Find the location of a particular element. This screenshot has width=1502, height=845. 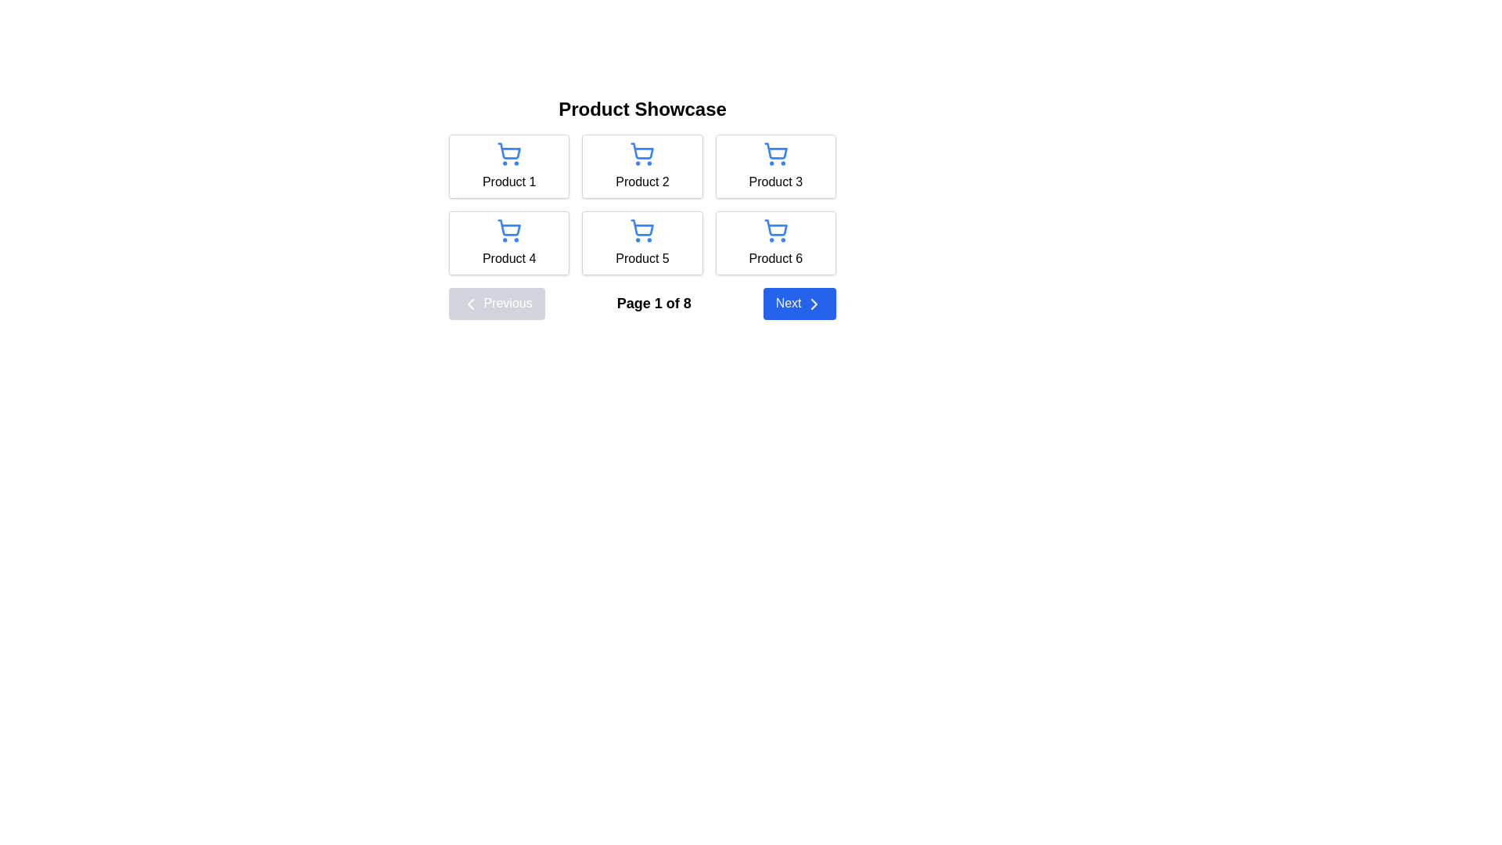

the shopping cart icon located at the top center of the 'Product 2' card is located at coordinates (642, 153).